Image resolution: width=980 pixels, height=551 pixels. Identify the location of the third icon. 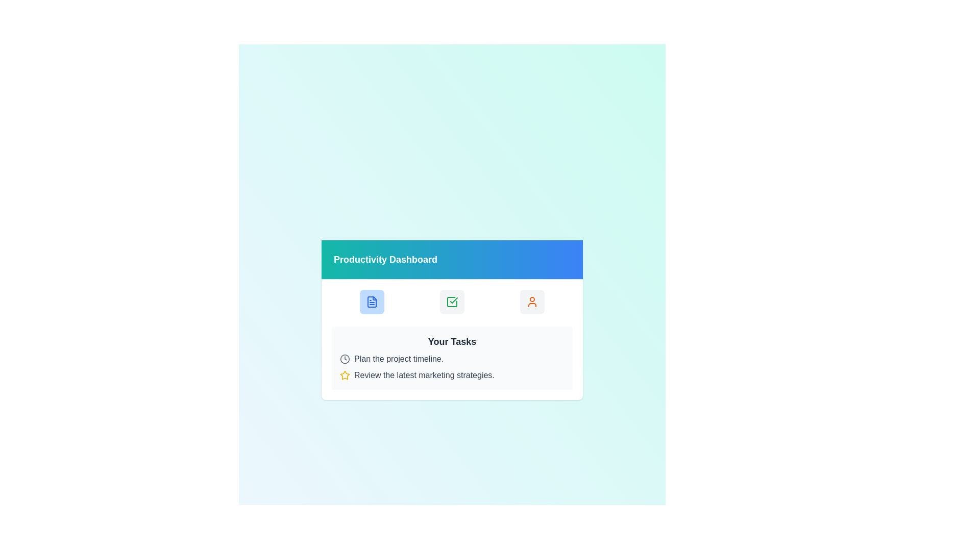
(532, 301).